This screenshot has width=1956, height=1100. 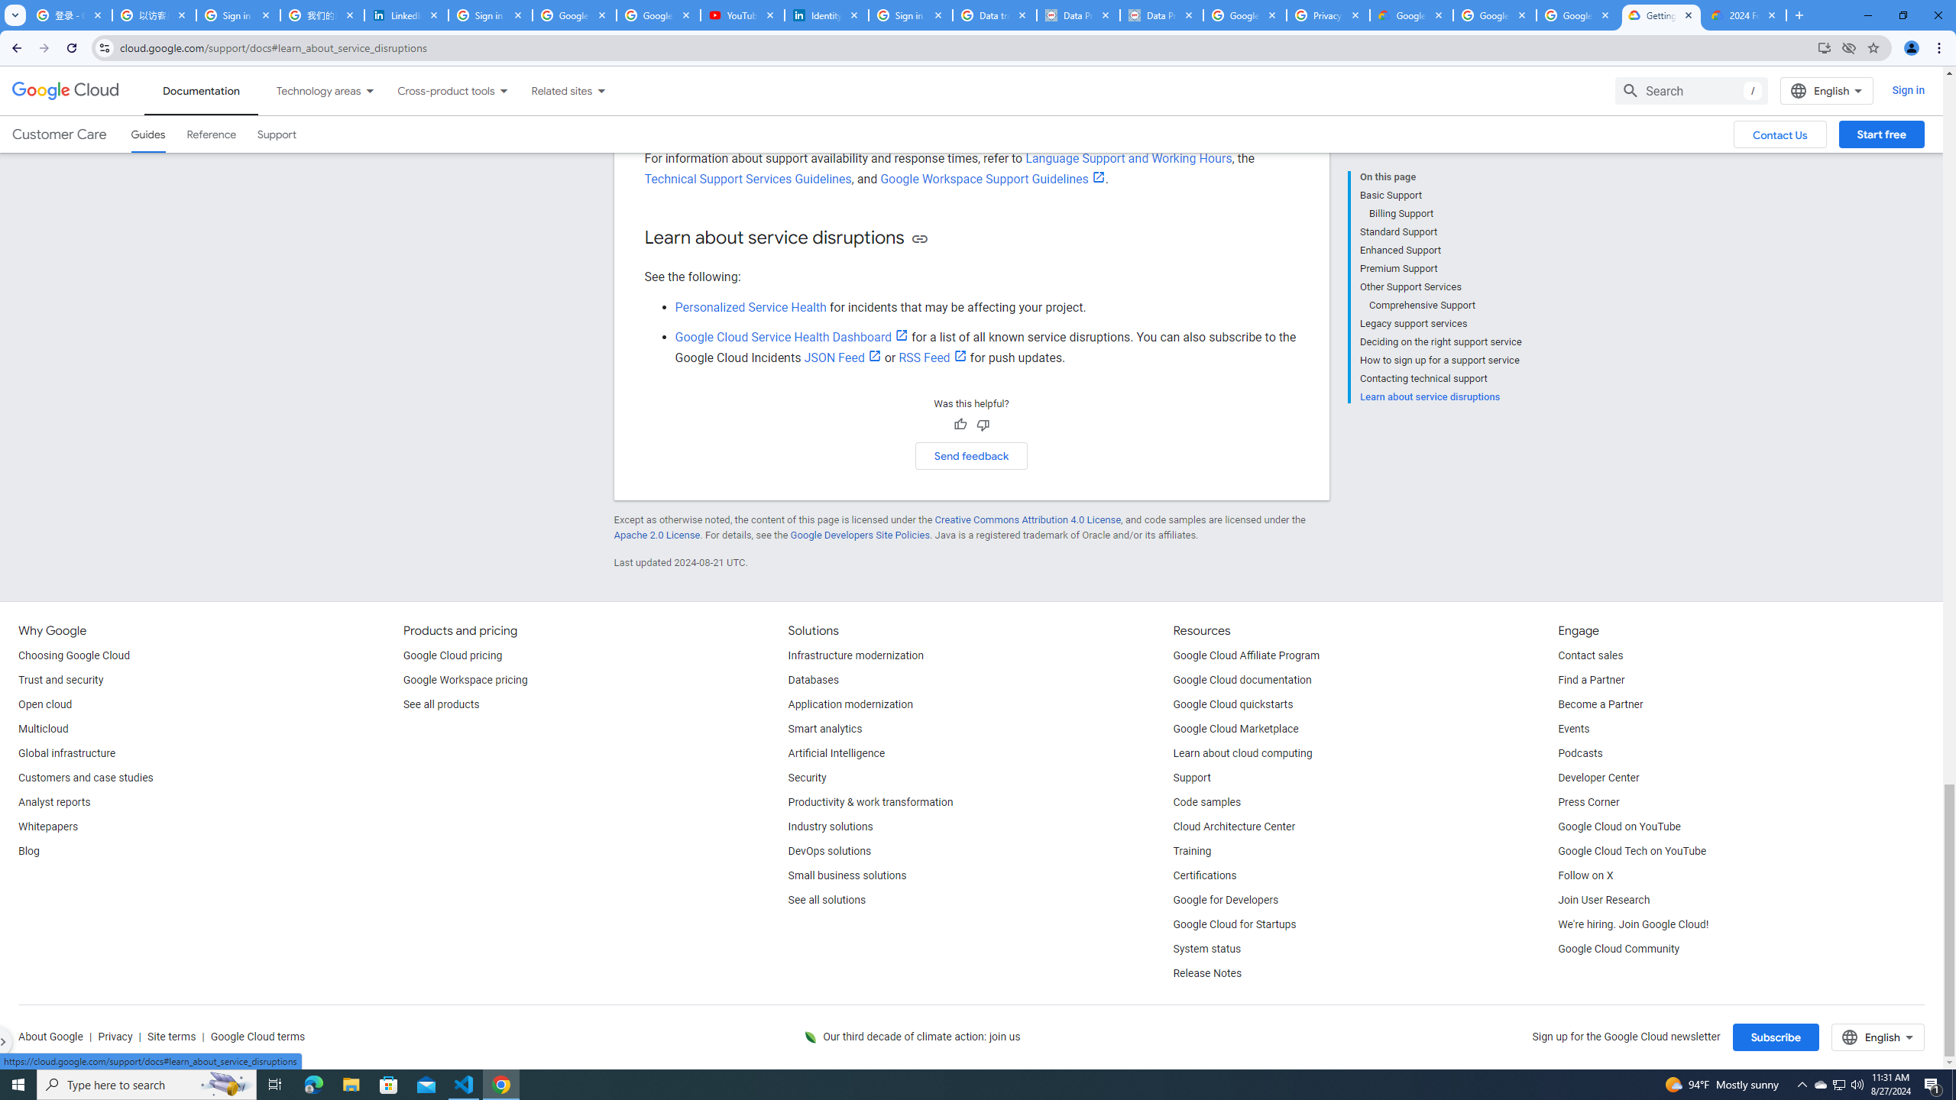 I want to click on 'Technical Support Services Guidelines', so click(x=747, y=178).